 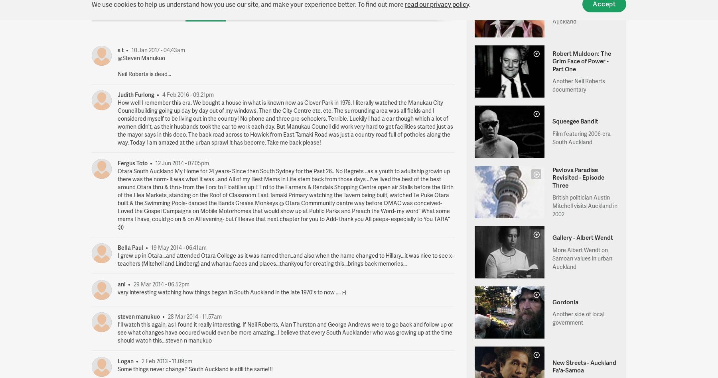 I want to click on 'Judith Furlong', so click(x=136, y=94).